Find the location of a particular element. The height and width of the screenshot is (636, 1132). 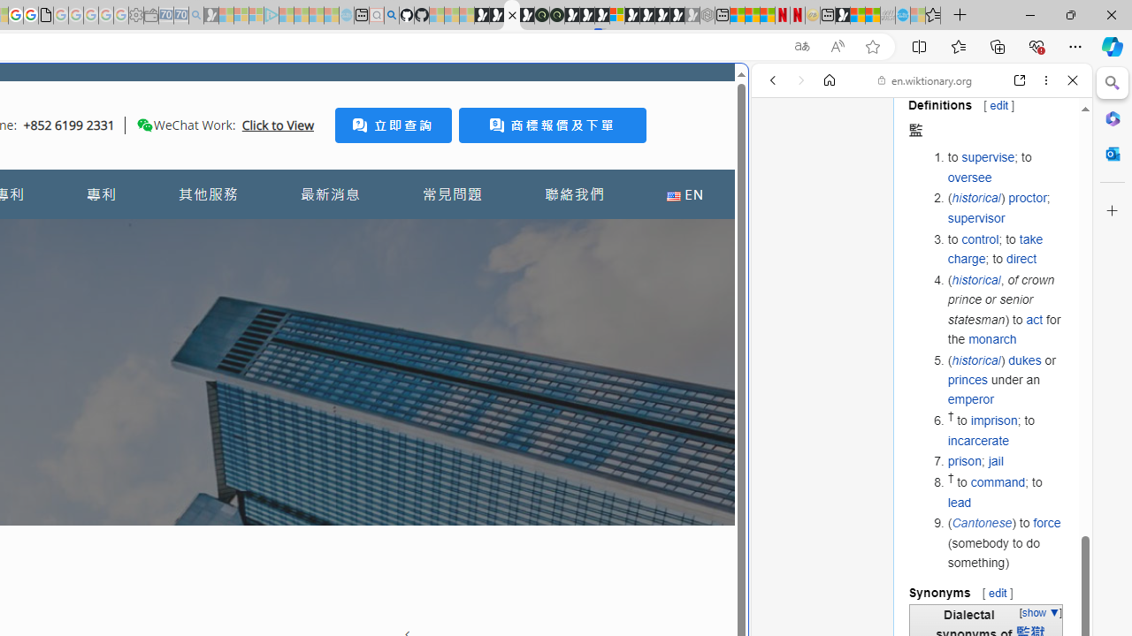

'proctor' is located at coordinates (1028, 198).